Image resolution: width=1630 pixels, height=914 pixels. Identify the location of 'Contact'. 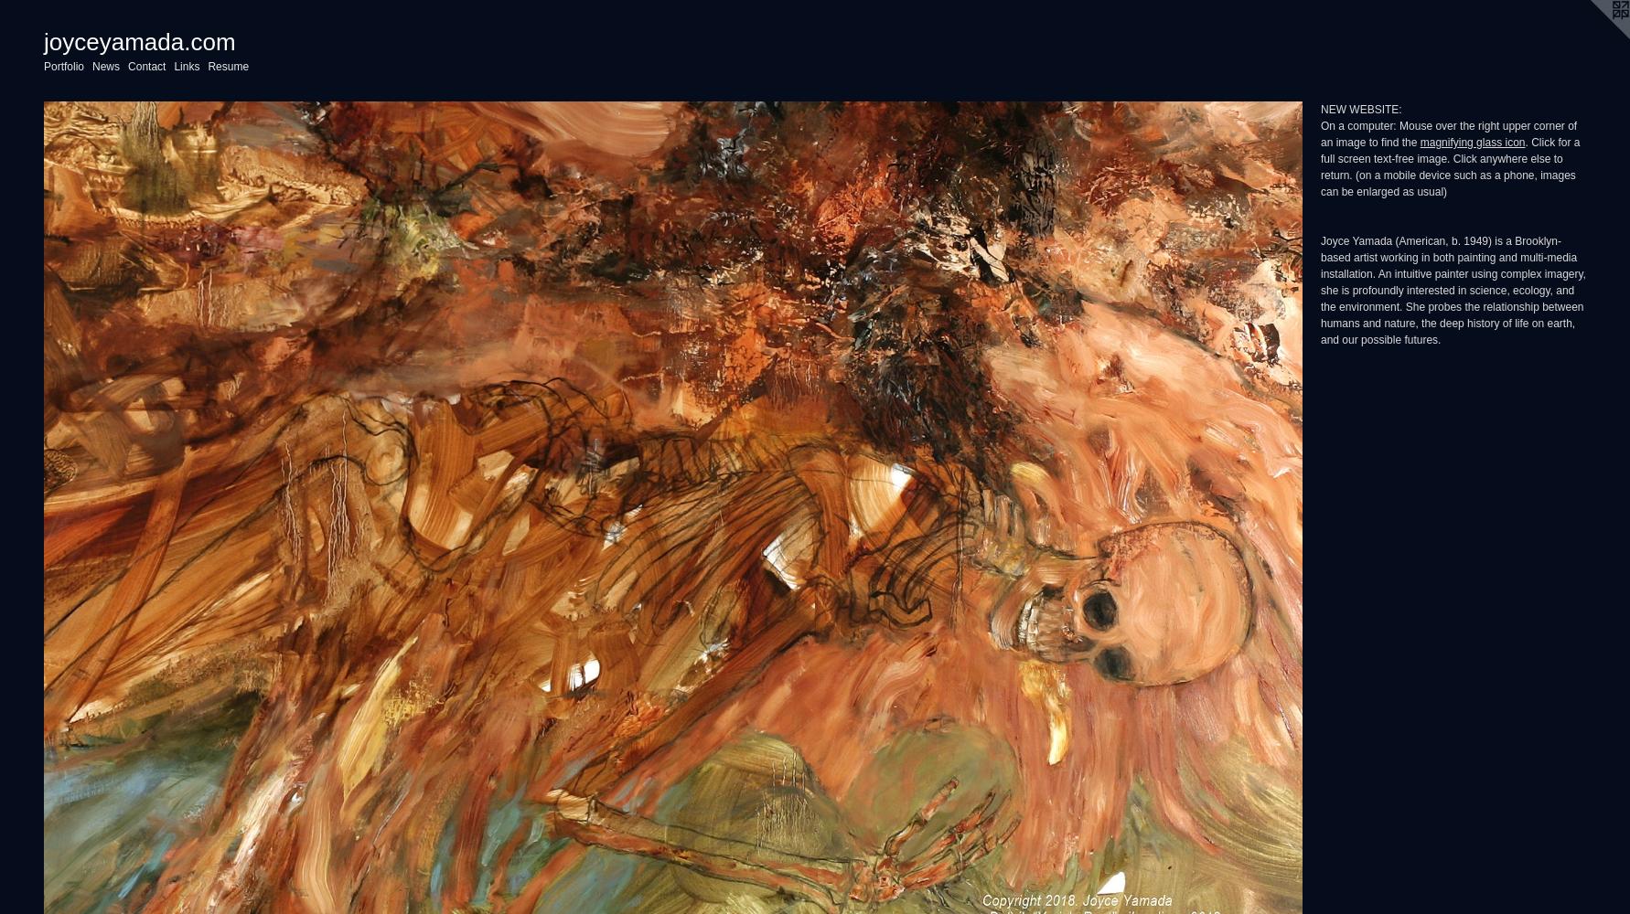
(145, 66).